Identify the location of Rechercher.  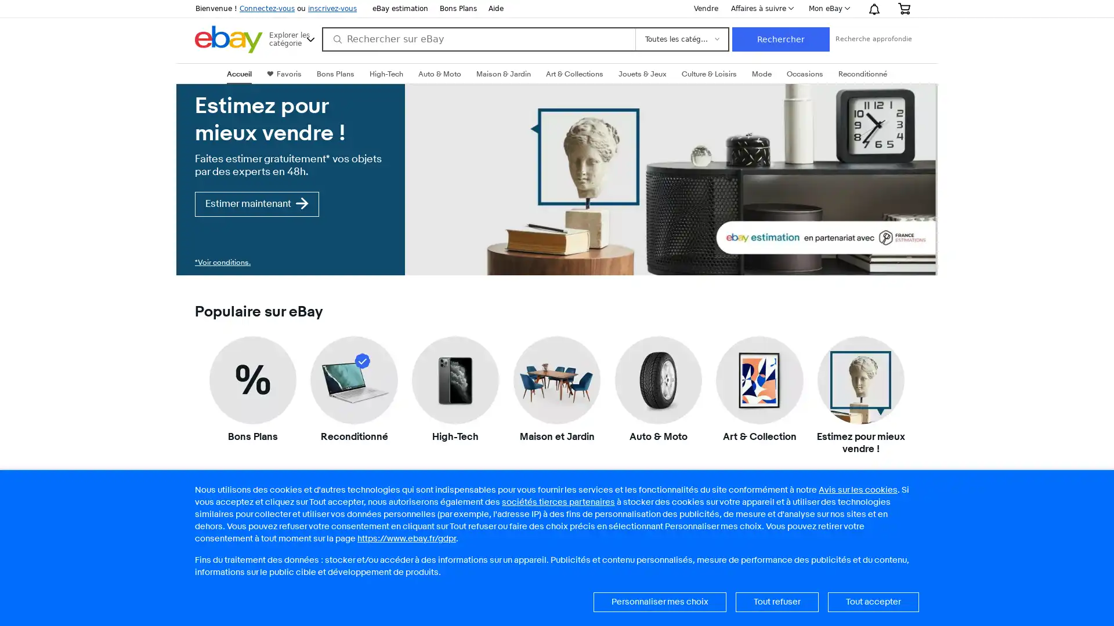
(780, 39).